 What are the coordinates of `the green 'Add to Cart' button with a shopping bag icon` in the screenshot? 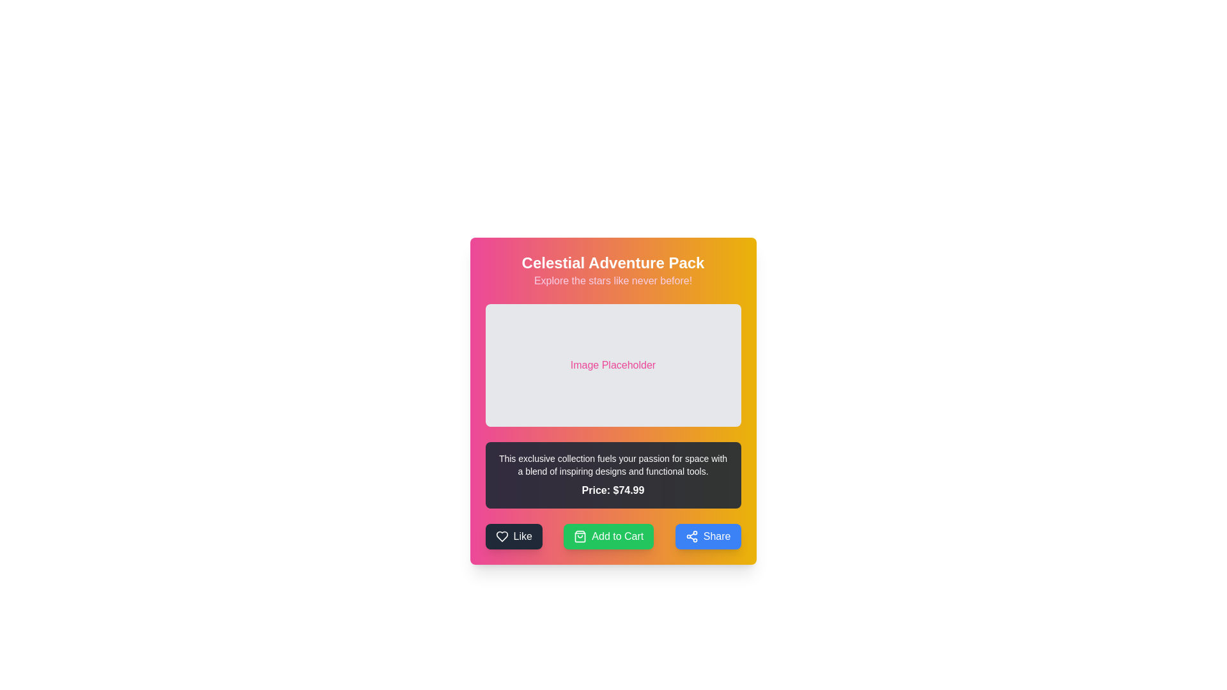 It's located at (608, 537).